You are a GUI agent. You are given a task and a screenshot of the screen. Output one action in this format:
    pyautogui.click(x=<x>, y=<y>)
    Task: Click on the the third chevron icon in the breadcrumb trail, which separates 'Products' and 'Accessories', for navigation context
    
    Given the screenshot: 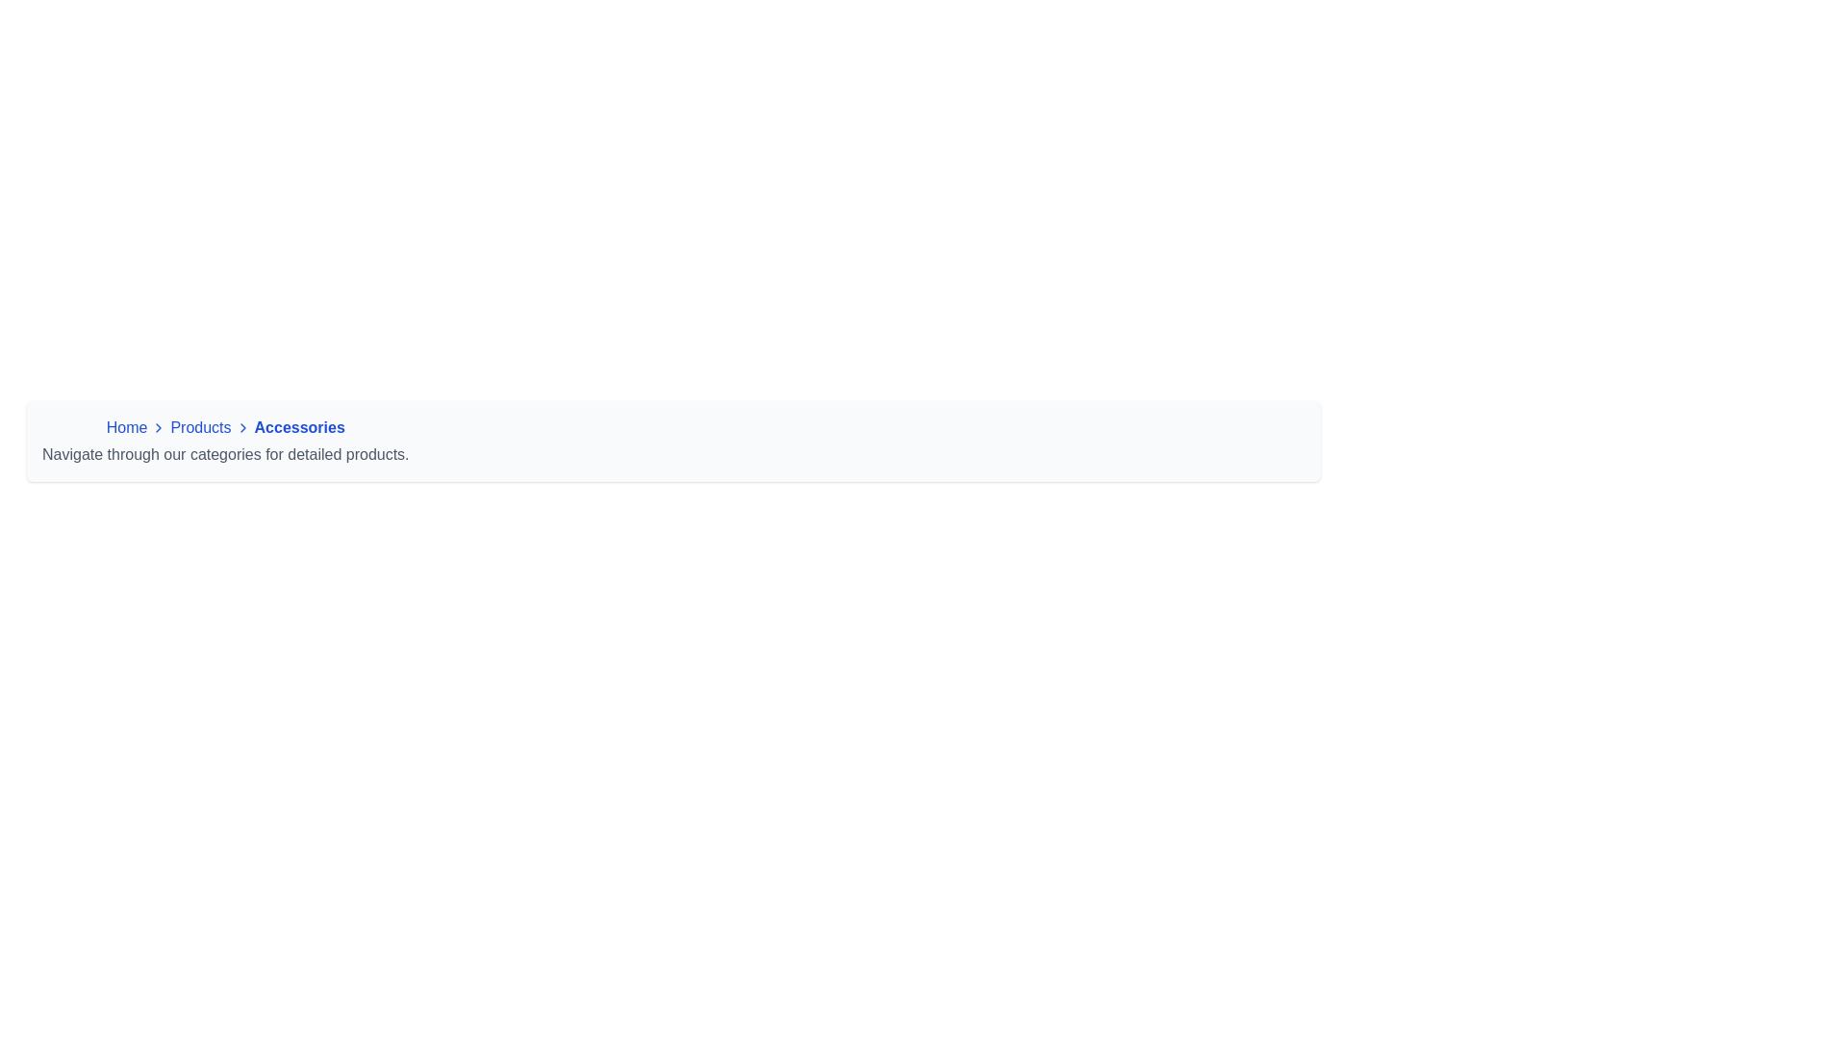 What is the action you would take?
    pyautogui.click(x=241, y=426)
    